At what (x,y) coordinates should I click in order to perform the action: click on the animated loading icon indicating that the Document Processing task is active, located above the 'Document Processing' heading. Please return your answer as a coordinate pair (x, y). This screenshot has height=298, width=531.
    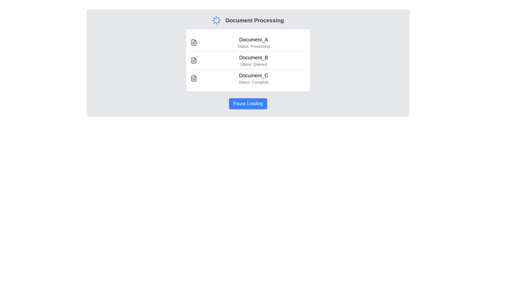
    Looking at the image, I should click on (216, 20).